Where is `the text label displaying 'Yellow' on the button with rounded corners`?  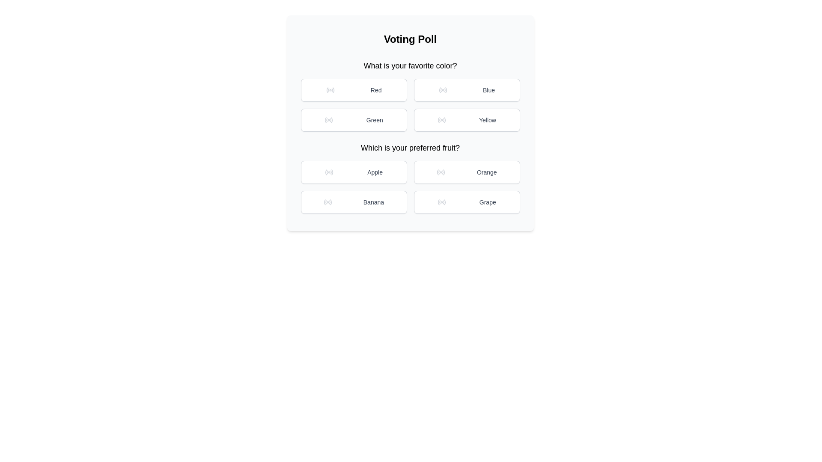
the text label displaying 'Yellow' on the button with rounded corners is located at coordinates (487, 120).